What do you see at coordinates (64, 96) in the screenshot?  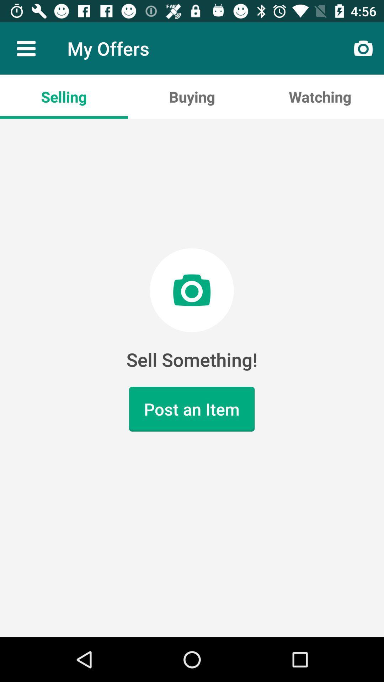 I see `the app to the left of buying item` at bounding box center [64, 96].